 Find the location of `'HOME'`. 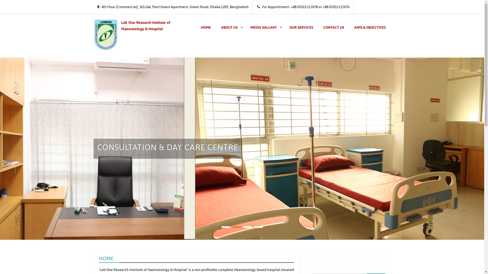

'HOME' is located at coordinates (206, 27).